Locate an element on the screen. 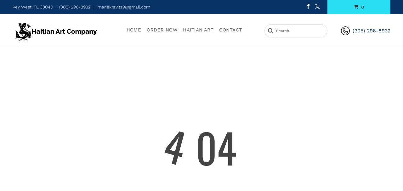 The height and width of the screenshot is (191, 403). 'Home' is located at coordinates (133, 30).